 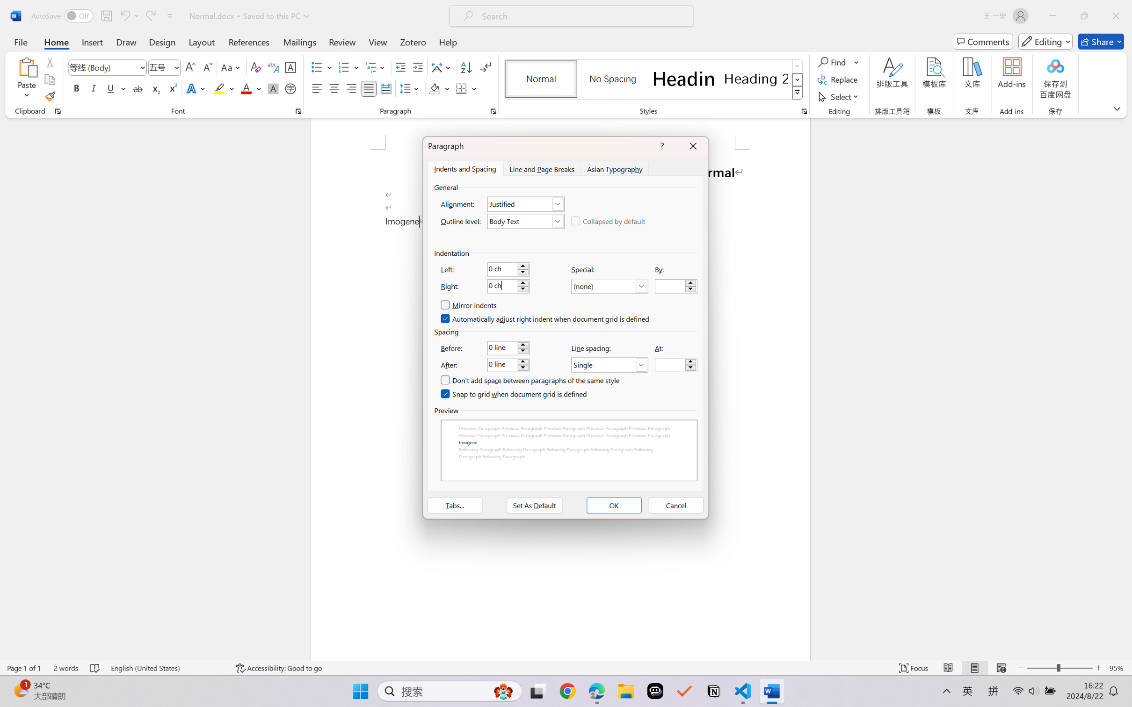 What do you see at coordinates (255, 67) in the screenshot?
I see `'Clear Formatting'` at bounding box center [255, 67].